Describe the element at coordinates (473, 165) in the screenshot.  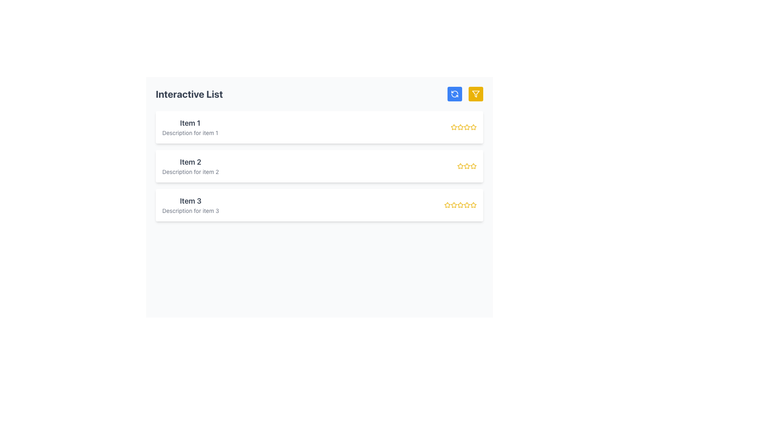
I see `the fifth star icon in the rating indicator to set a rating value` at that location.